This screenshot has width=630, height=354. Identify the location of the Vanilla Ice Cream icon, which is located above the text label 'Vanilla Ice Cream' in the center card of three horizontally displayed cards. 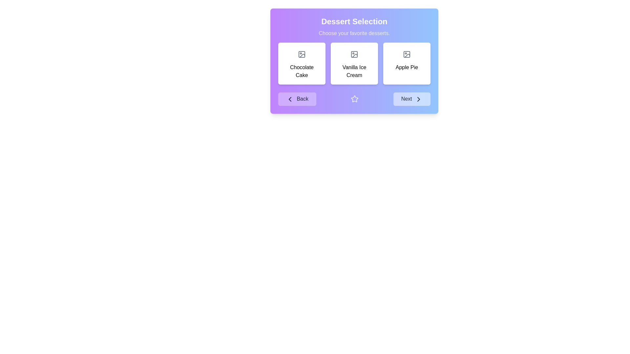
(354, 54).